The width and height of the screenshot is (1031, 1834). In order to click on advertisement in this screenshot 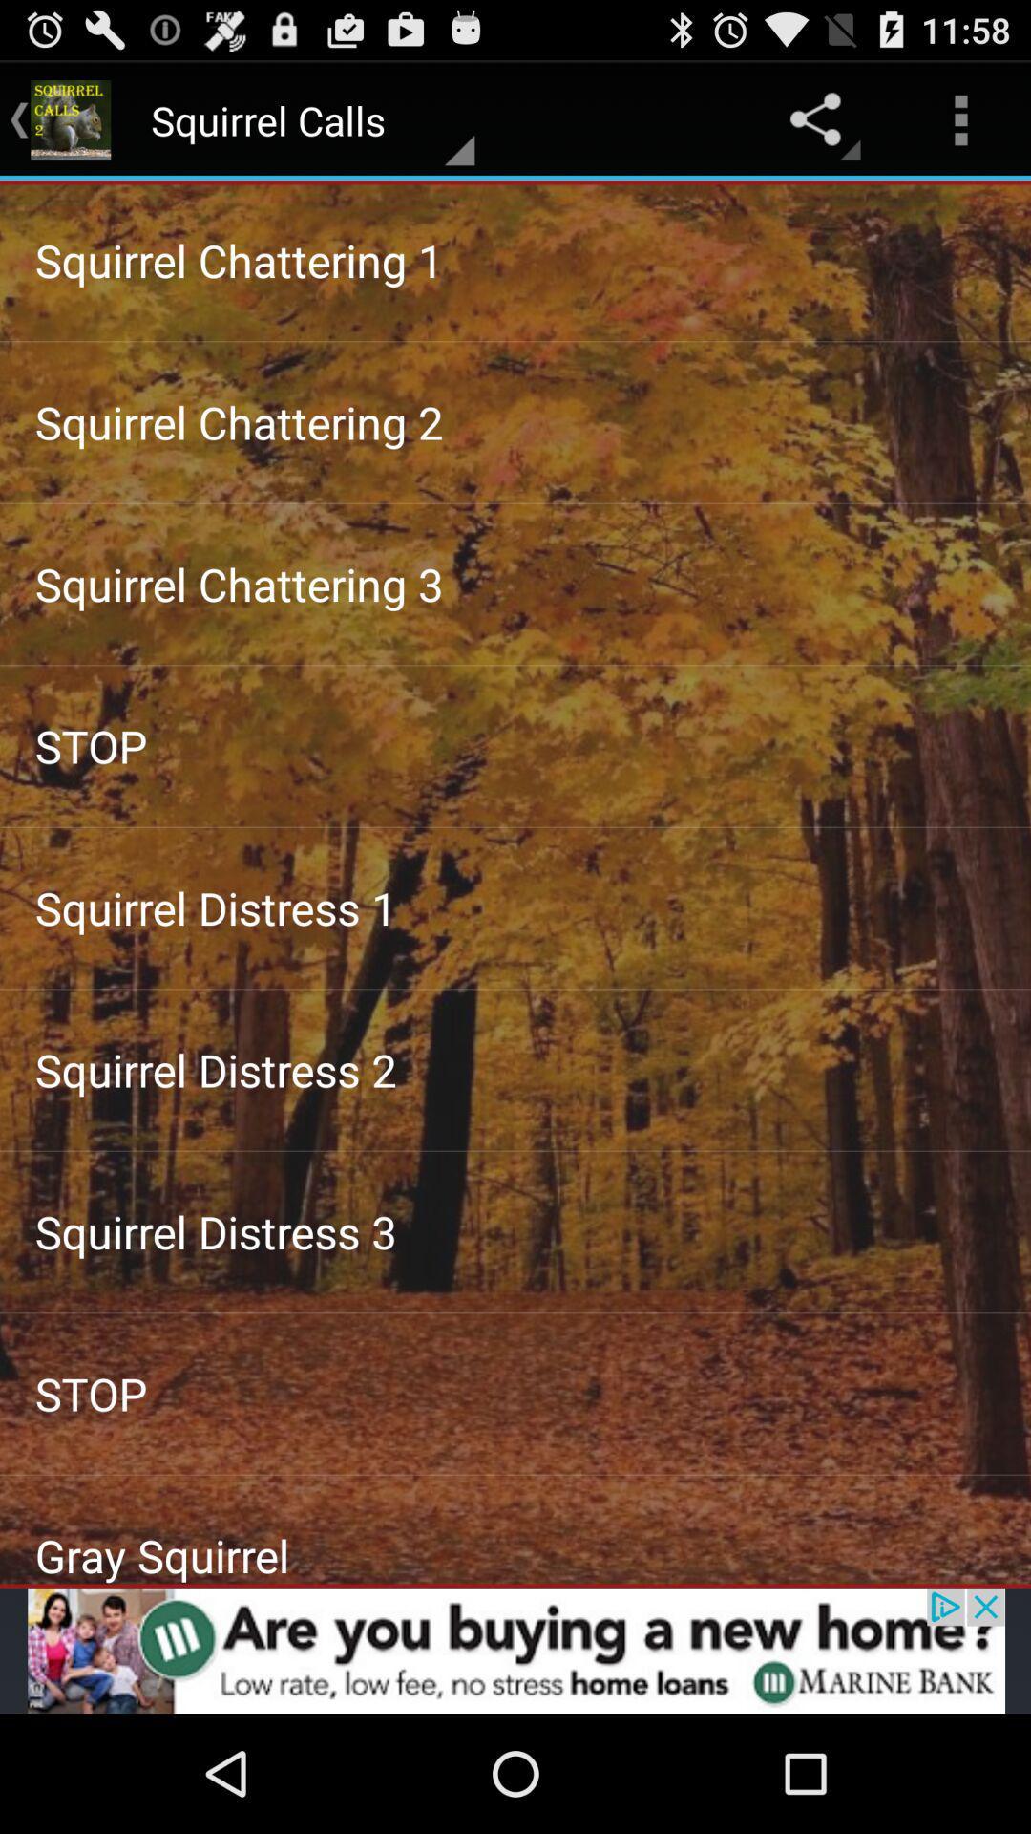, I will do `click(515, 1650)`.